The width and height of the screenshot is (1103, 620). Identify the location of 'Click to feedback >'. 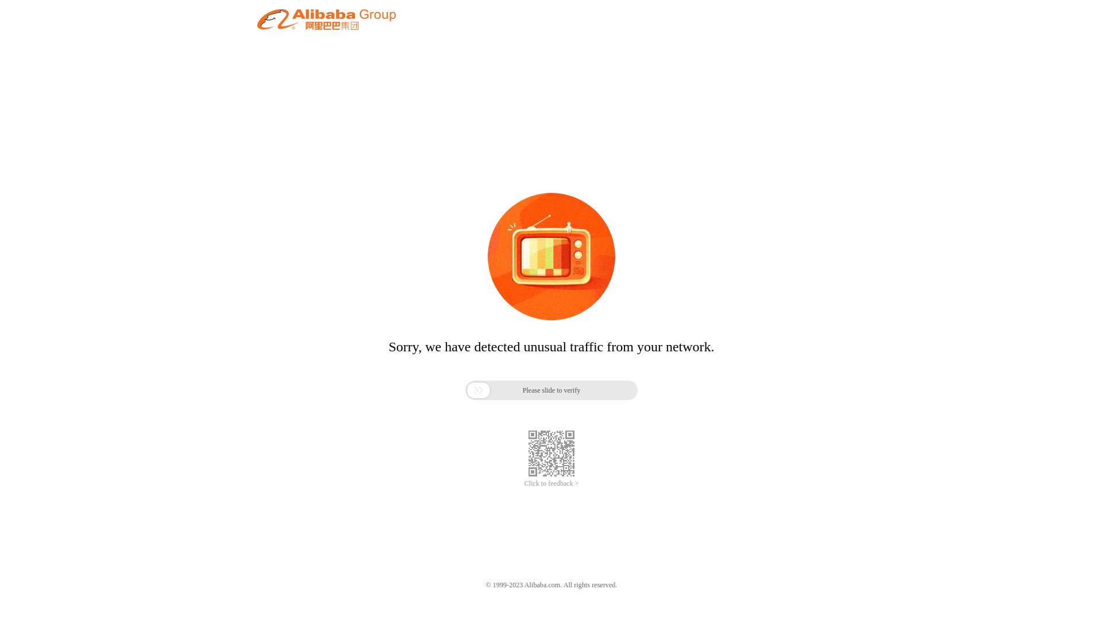
(523, 483).